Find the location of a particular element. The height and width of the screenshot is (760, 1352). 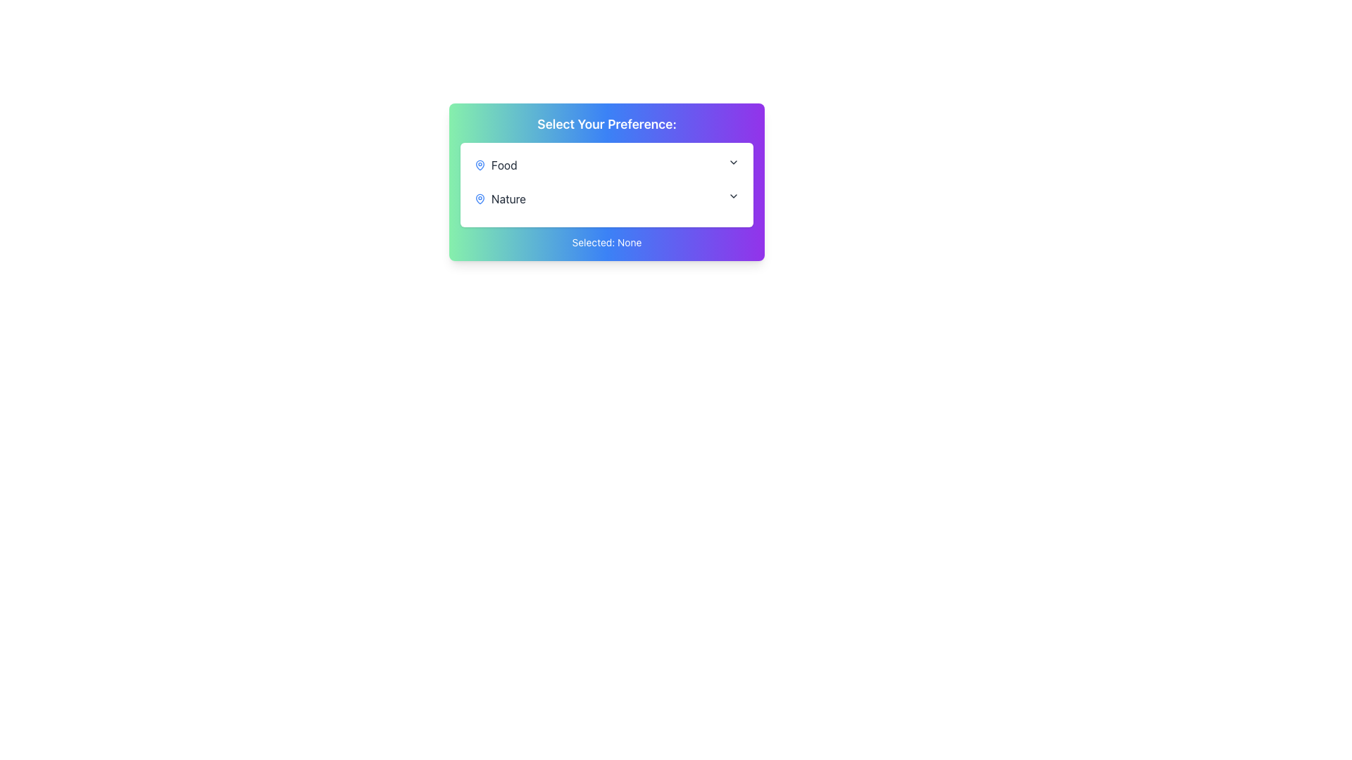

the list item labeled 'Nature' in the dropdown menu is located at coordinates (607, 198).